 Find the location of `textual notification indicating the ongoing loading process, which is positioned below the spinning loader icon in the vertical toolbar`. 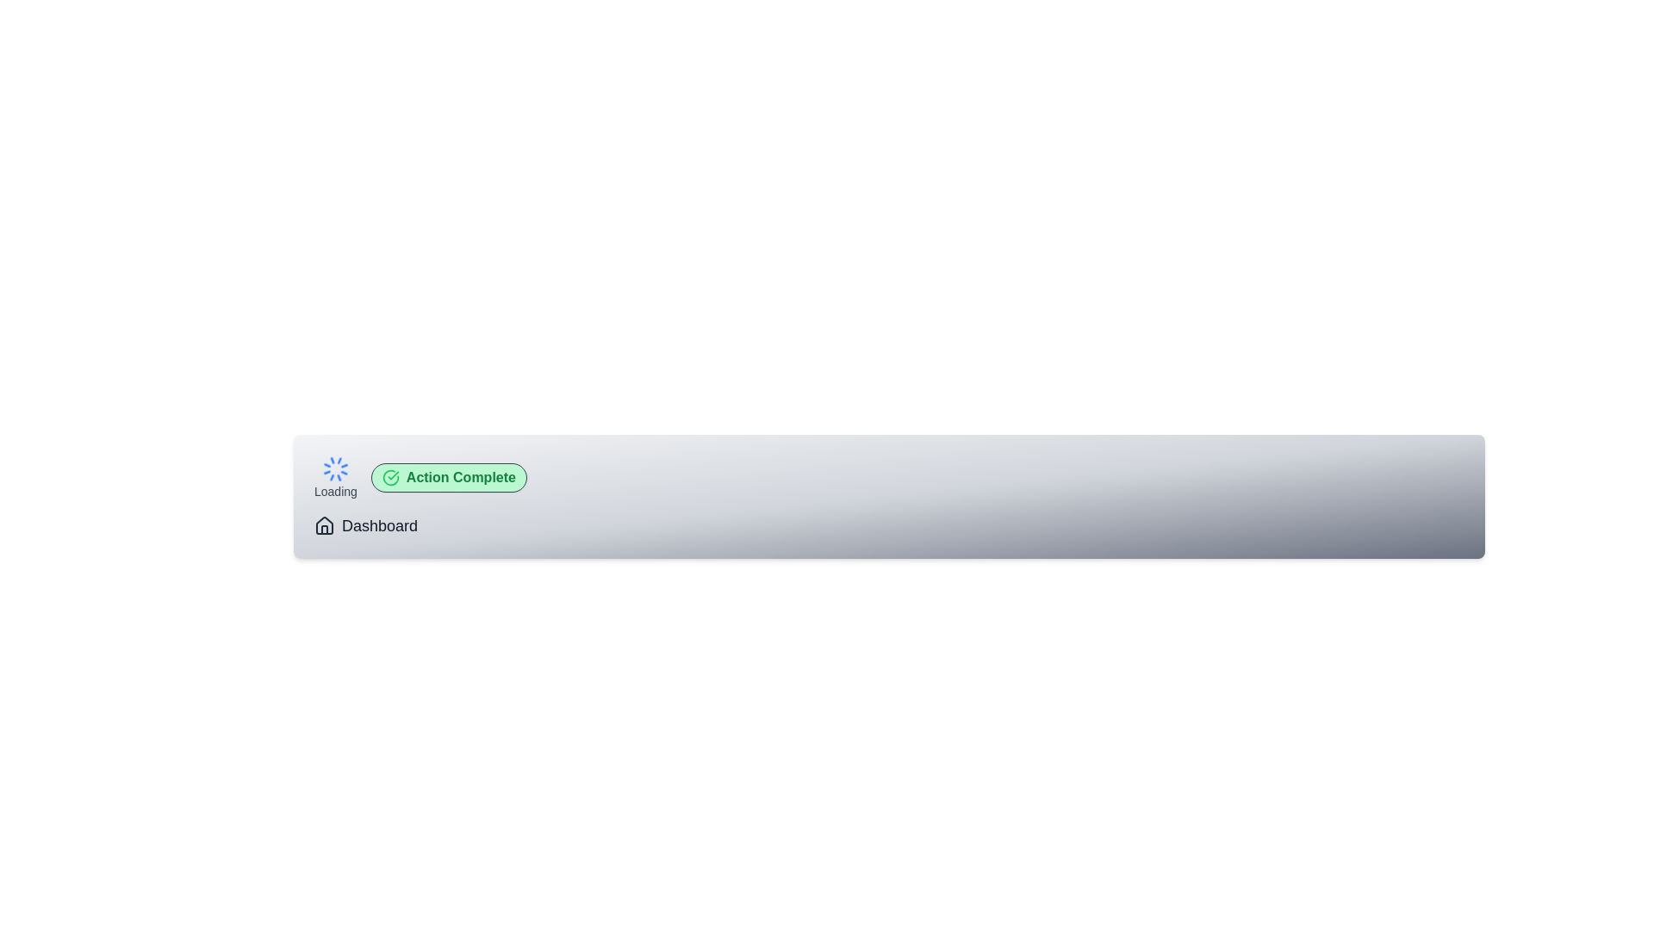

textual notification indicating the ongoing loading process, which is positioned below the spinning loader icon in the vertical toolbar is located at coordinates (335, 491).